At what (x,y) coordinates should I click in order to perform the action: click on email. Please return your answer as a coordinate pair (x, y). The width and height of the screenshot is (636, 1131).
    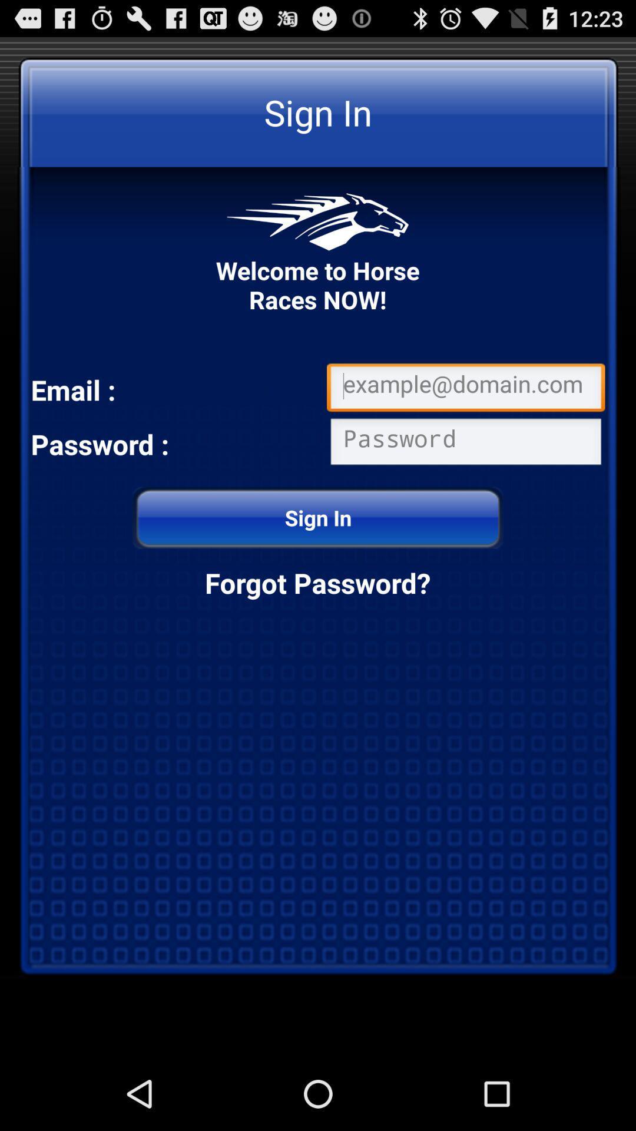
    Looking at the image, I should click on (465, 389).